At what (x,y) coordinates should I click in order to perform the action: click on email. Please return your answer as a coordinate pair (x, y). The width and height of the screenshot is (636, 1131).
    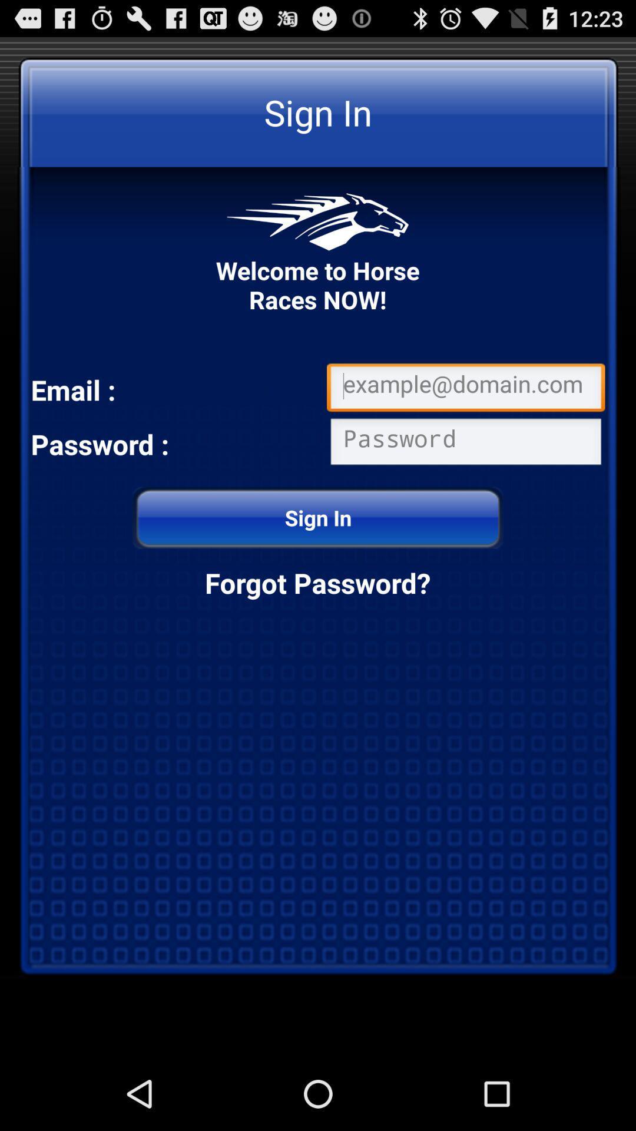
    Looking at the image, I should click on (465, 389).